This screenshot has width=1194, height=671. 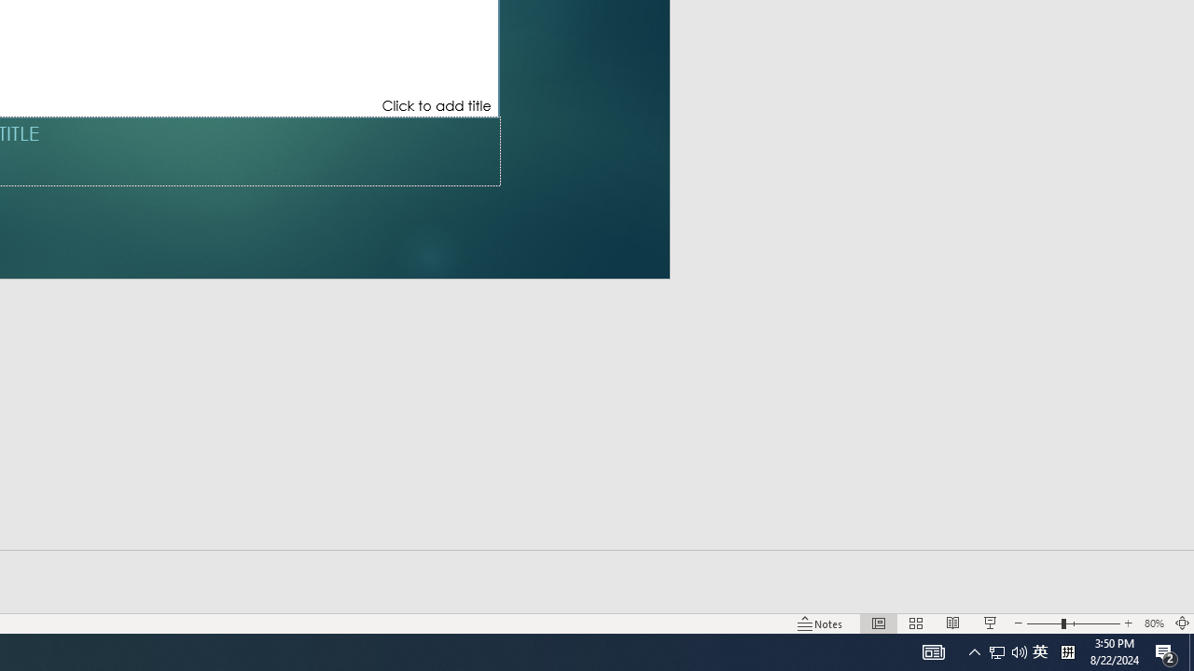 I want to click on 'Notes ', so click(x=820, y=623).